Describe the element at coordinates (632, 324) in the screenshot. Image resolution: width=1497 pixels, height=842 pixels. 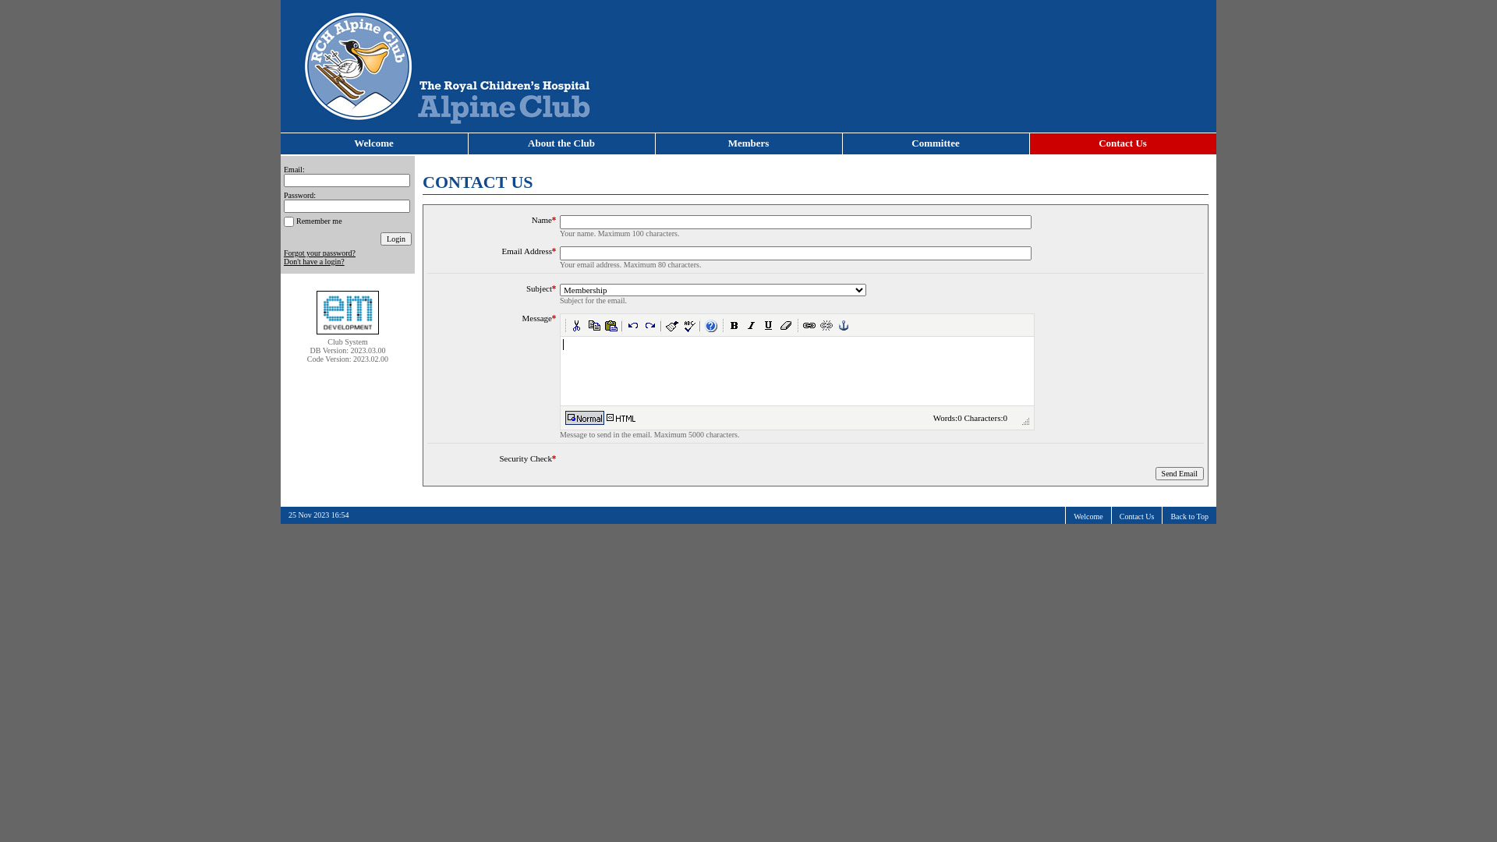
I see `'Undo'` at that location.